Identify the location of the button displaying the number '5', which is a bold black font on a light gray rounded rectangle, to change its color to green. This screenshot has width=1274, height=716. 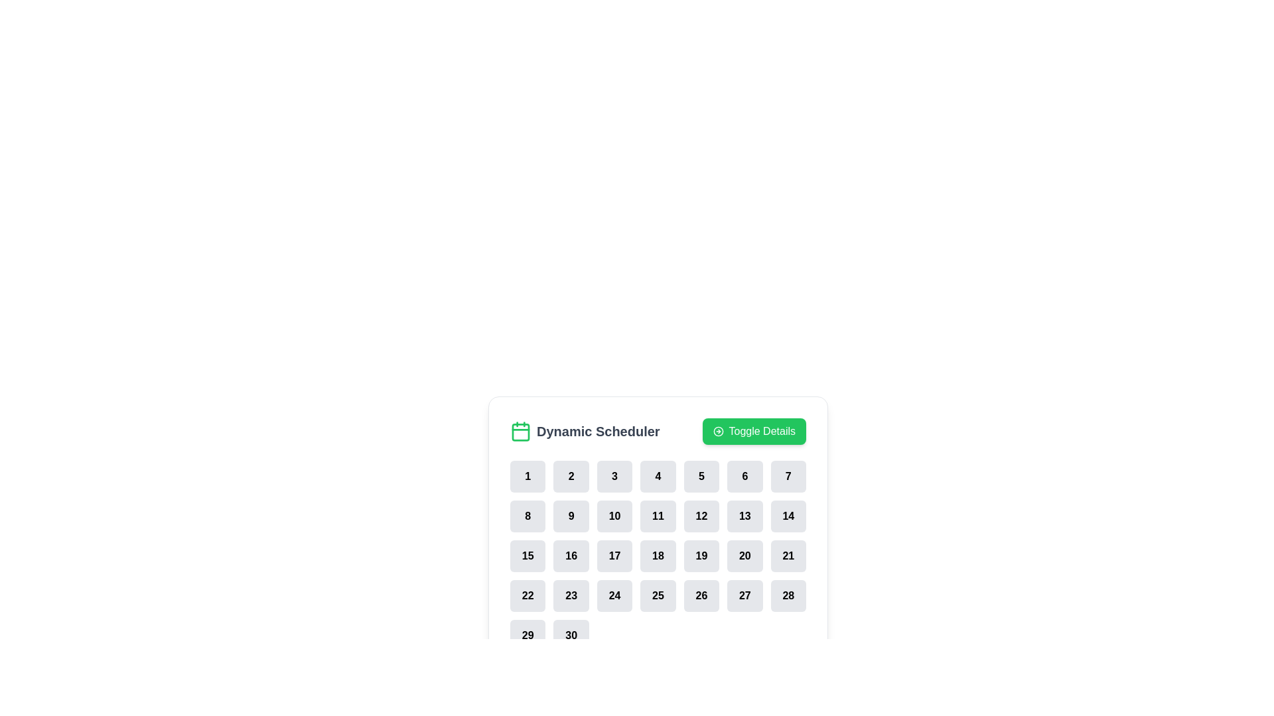
(701, 475).